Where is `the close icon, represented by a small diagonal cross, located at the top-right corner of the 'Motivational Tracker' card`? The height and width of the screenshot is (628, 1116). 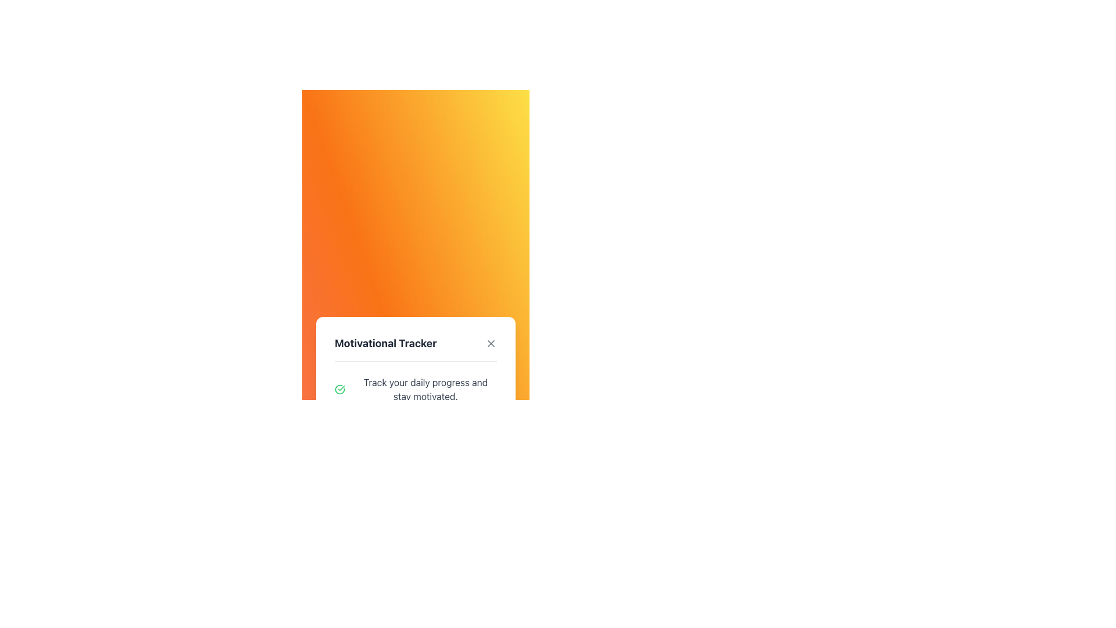
the close icon, represented by a small diagonal cross, located at the top-right corner of the 'Motivational Tracker' card is located at coordinates (491, 342).